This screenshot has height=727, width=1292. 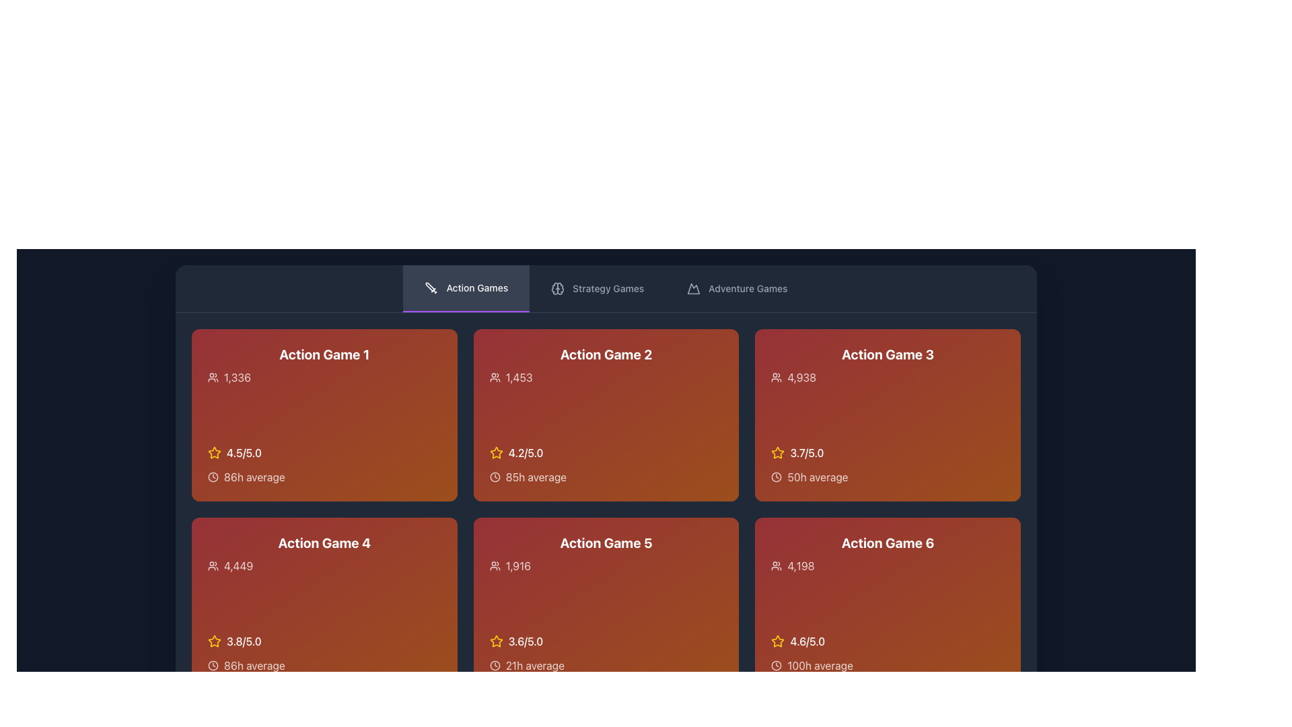 I want to click on the Composite information display showing the rating '3.6/5.0' and '21h average' located at the bottom section of the 'Action Game 5' card, so click(x=606, y=653).